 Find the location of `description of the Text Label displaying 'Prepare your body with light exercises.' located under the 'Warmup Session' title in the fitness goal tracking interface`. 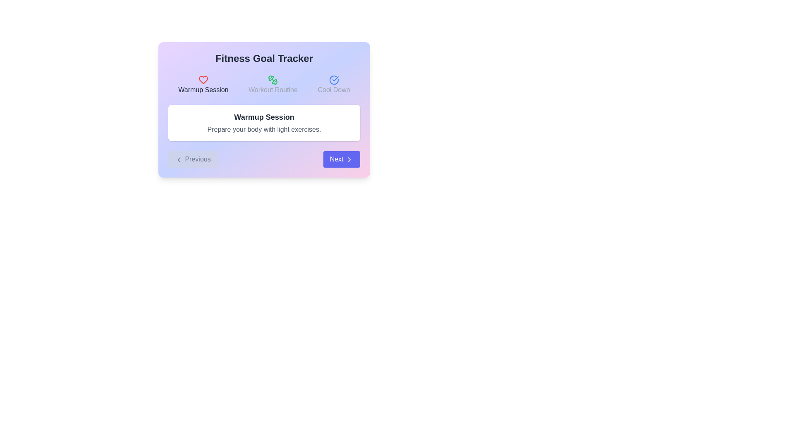

description of the Text Label displaying 'Prepare your body with light exercises.' located under the 'Warmup Session' title in the fitness goal tracking interface is located at coordinates (263, 129).